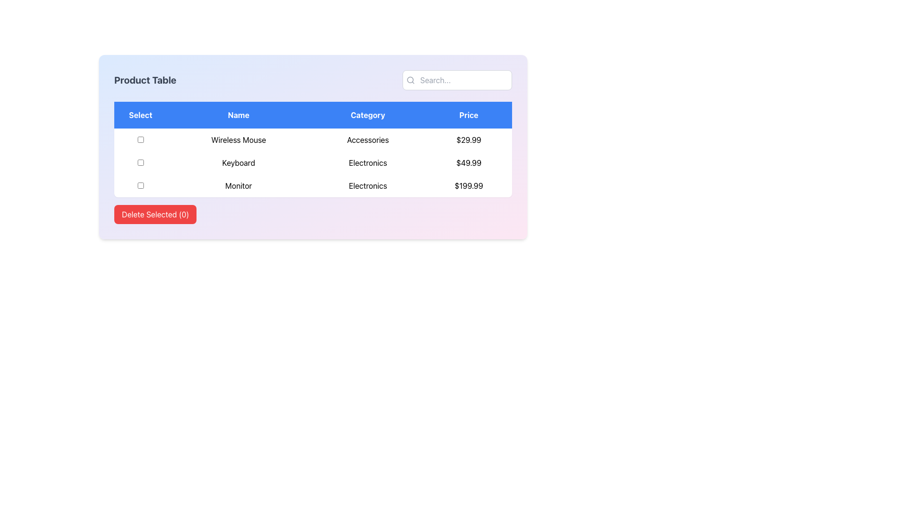 The width and height of the screenshot is (918, 516). What do you see at coordinates (239, 114) in the screenshot?
I see `the table header labeled 'Name', which is styled with a blue background and white text, positioned in the top row of the table and is the second column in a group of four headers` at bounding box center [239, 114].